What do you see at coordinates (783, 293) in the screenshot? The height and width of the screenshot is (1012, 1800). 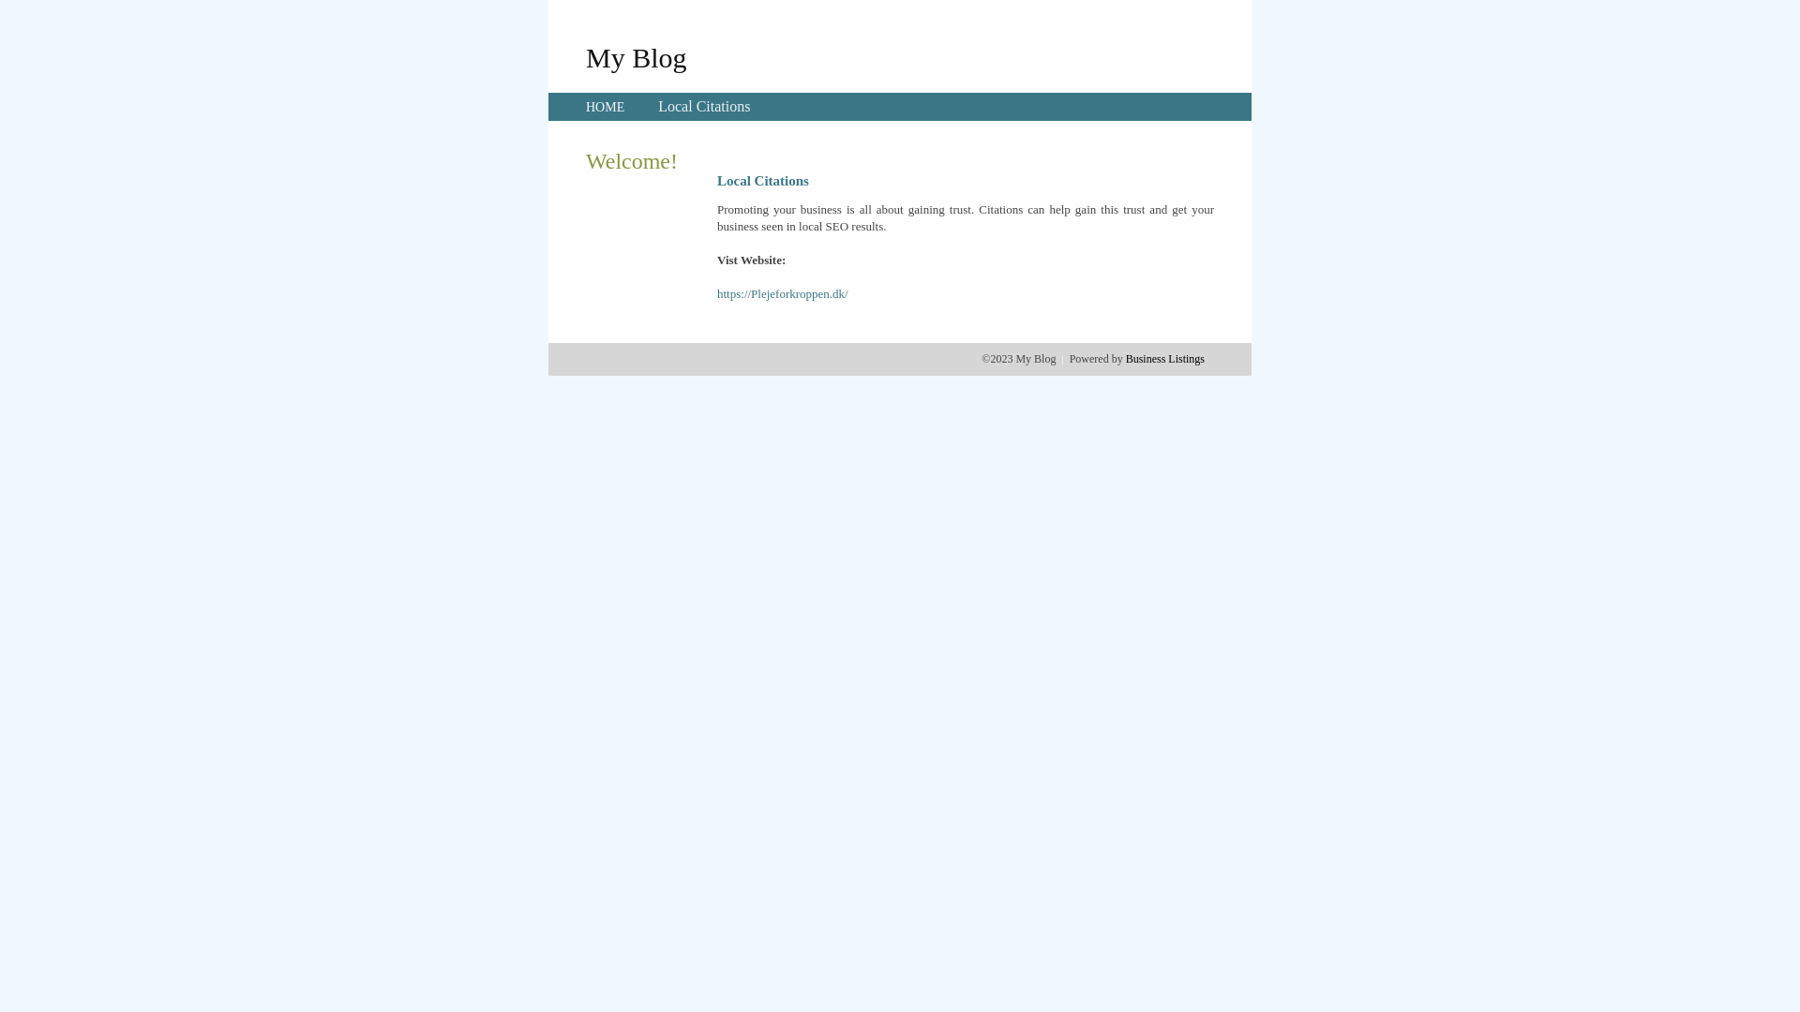 I see `'https://Plejeforkroppen.dk/'` at bounding box center [783, 293].